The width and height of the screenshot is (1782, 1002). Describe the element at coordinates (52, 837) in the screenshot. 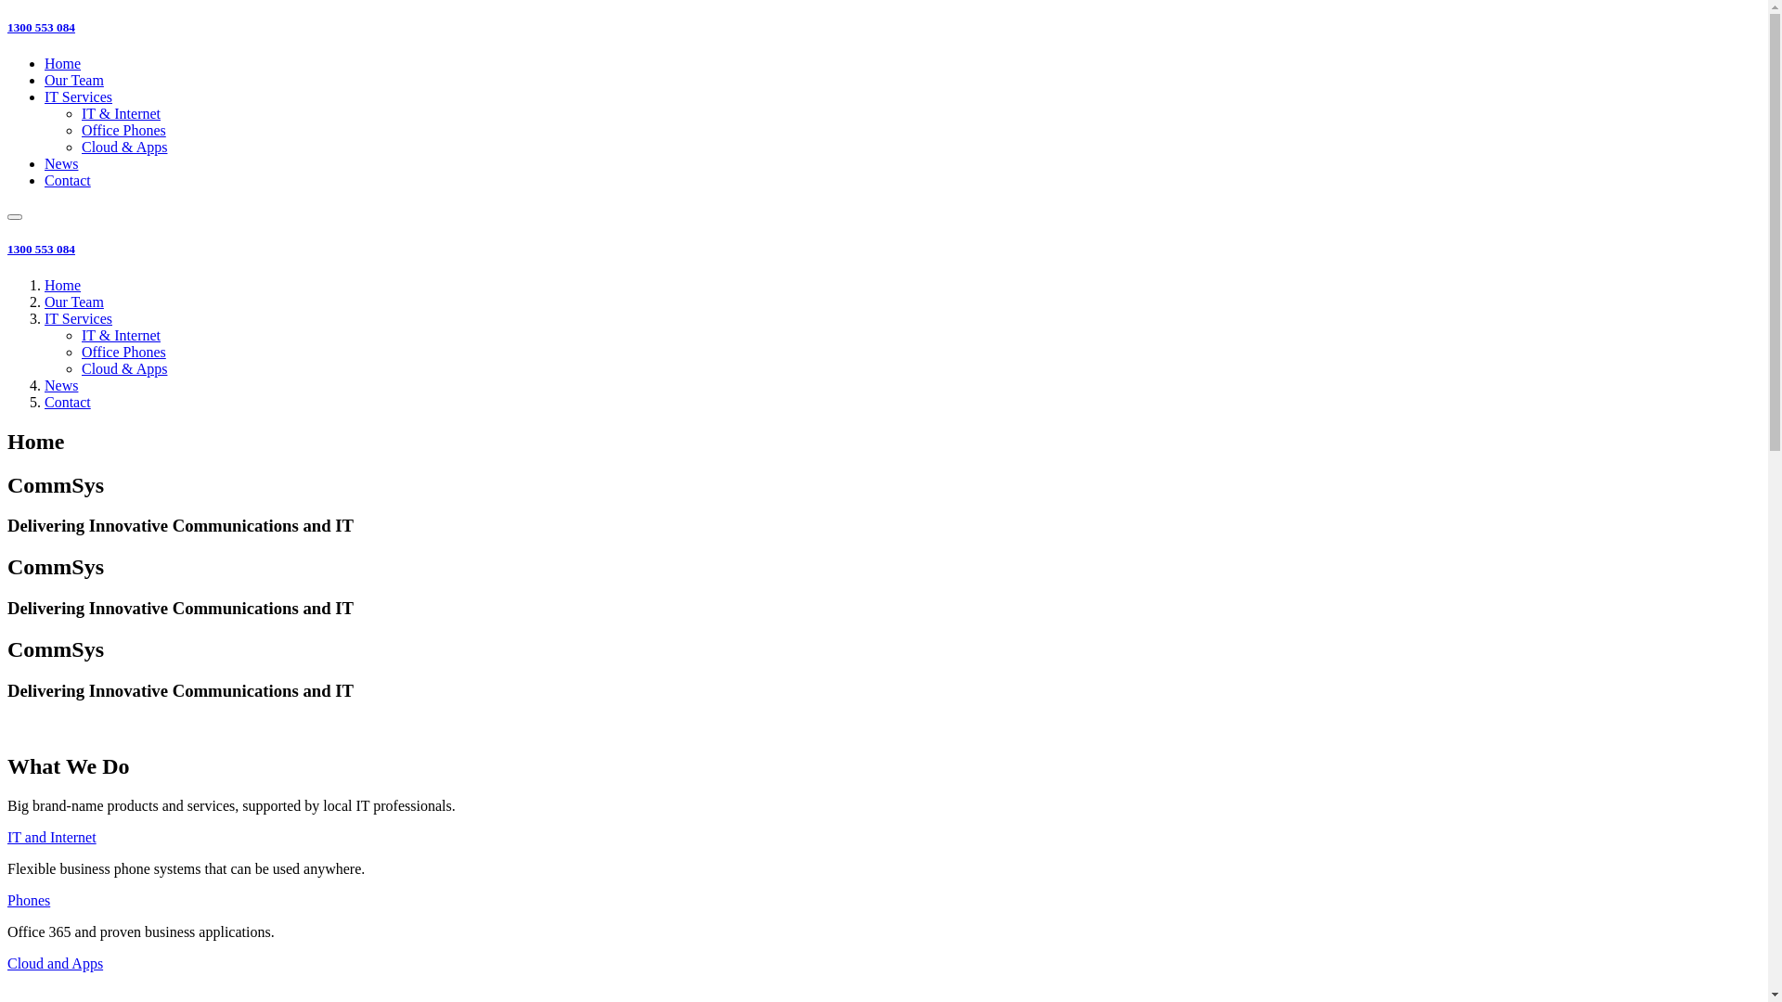

I see `'IT and Internet'` at that location.